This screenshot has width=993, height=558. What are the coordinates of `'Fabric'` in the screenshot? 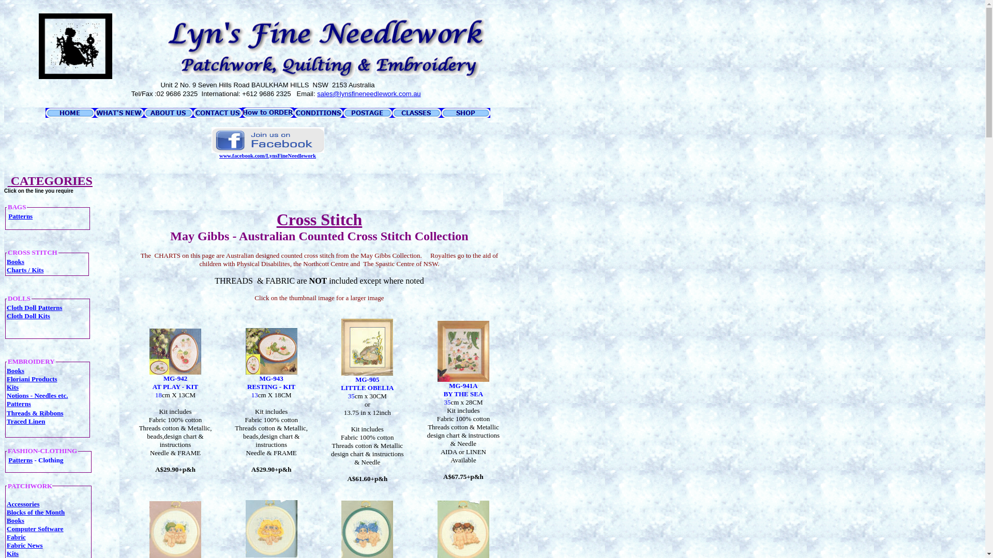 It's located at (16, 536).